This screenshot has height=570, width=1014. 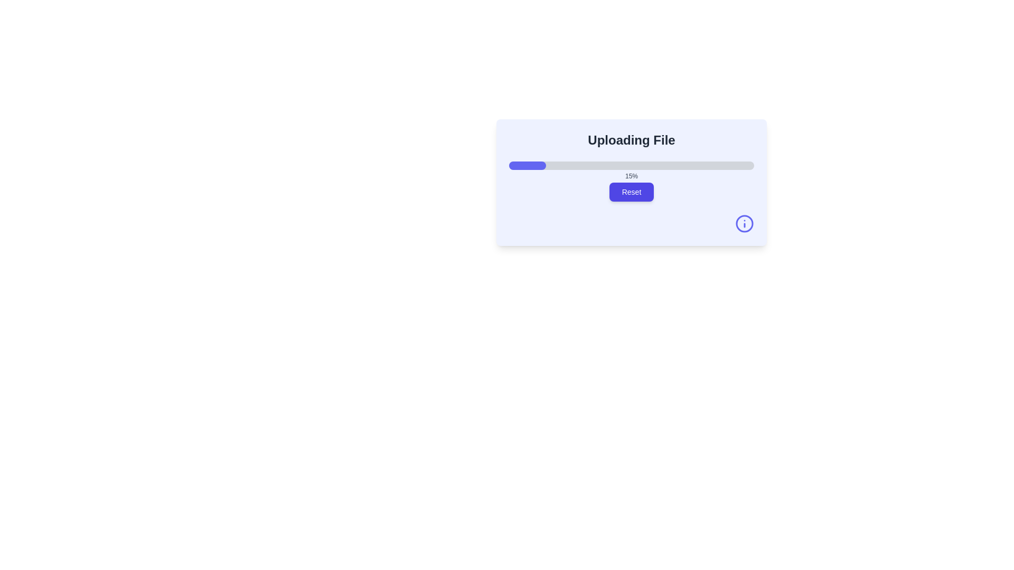 I want to click on the 'Reset' button, which is a rectangular button with rounded corners, displaying white text on a blue background, located below the progress bar indicating '10%', so click(x=631, y=192).